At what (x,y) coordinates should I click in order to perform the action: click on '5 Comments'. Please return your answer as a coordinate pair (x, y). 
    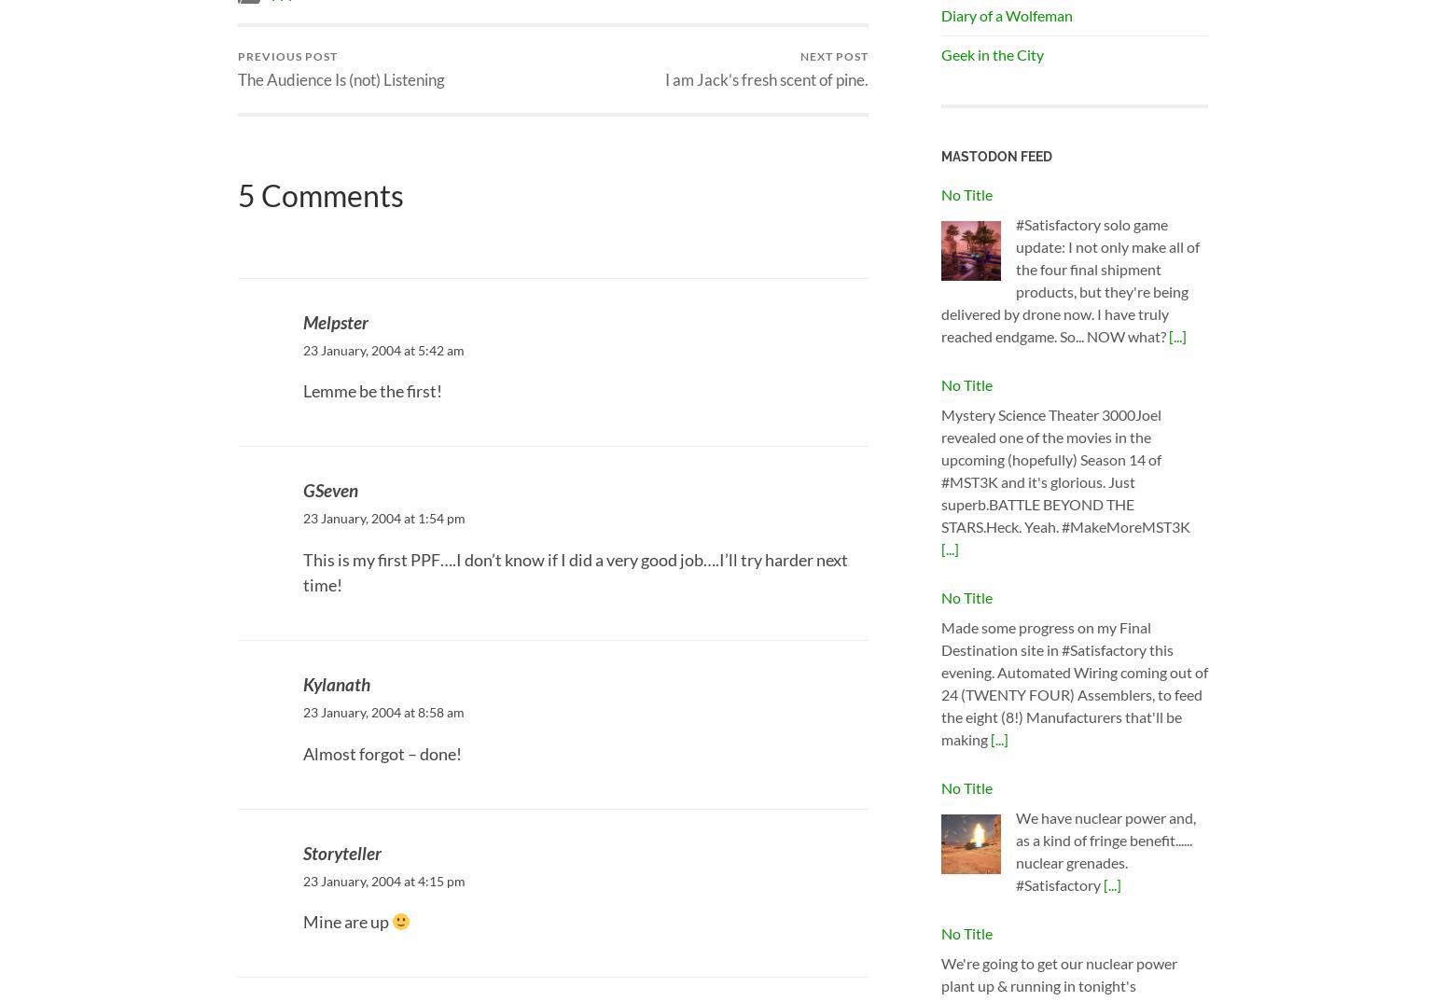
    Looking at the image, I should click on (319, 195).